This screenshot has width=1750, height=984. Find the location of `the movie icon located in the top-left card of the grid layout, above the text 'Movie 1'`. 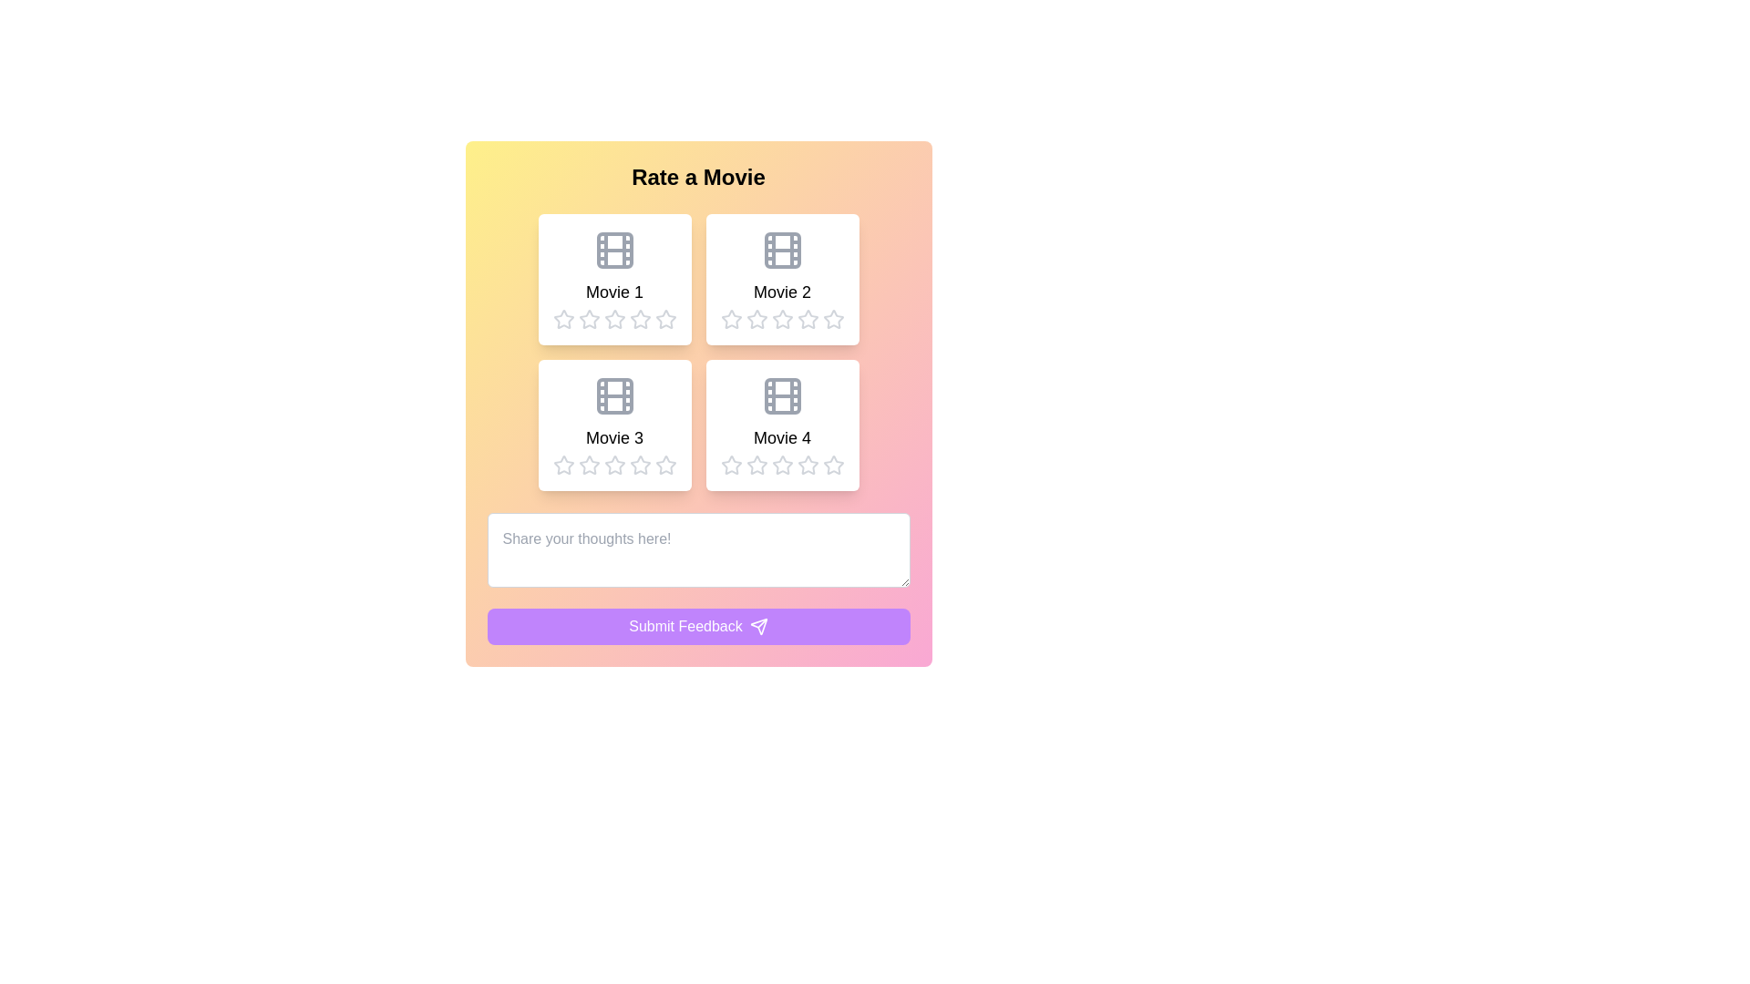

the movie icon located in the top-left card of the grid layout, above the text 'Movie 1' is located at coordinates (614, 250).